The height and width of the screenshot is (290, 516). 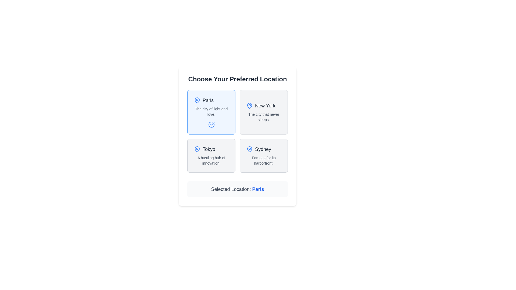 I want to click on the appearance of the blue checkmark icon located inside the card representing 'Paris' in the first position of the grid layout, so click(x=212, y=124).